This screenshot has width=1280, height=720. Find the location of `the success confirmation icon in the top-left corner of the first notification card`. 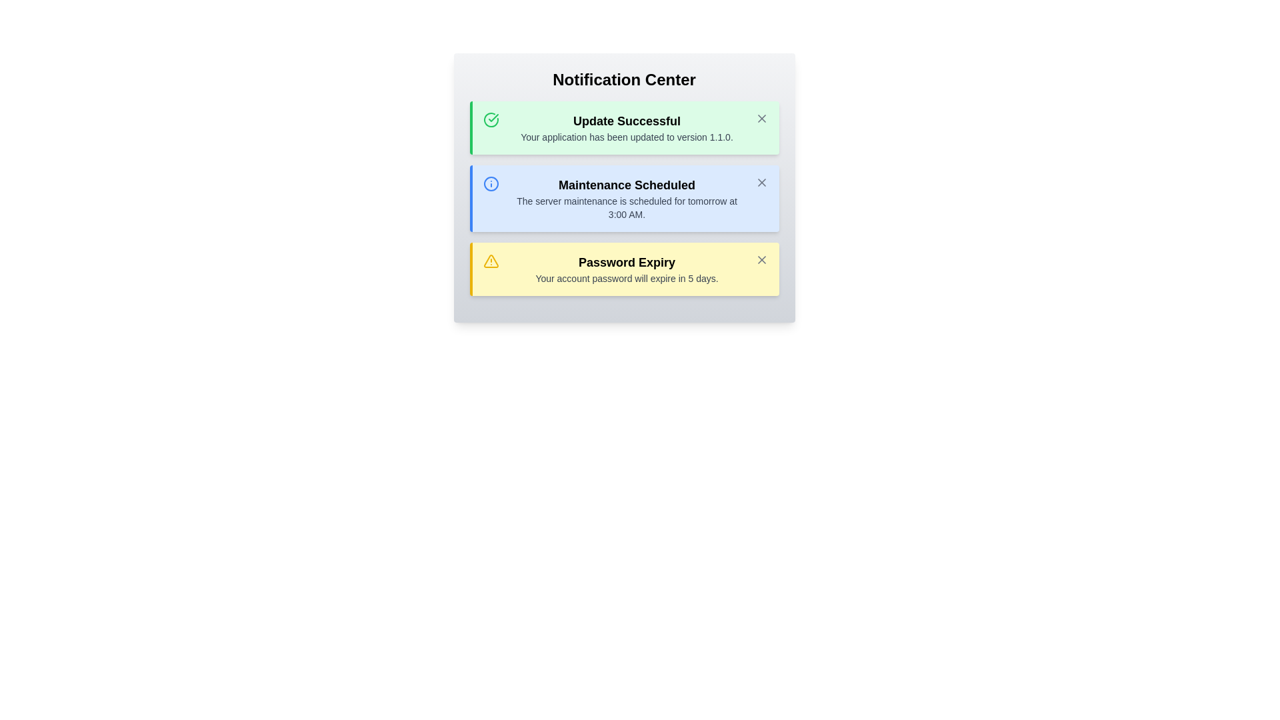

the success confirmation icon in the top-left corner of the first notification card is located at coordinates (492, 117).